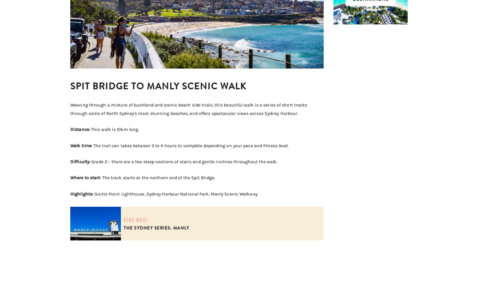 This screenshot has width=478, height=291. Describe the element at coordinates (191, 145) in the screenshot. I see `'The trail can takes between 3 to 4 hours to complete depending on your pace and fitness level.'` at that location.